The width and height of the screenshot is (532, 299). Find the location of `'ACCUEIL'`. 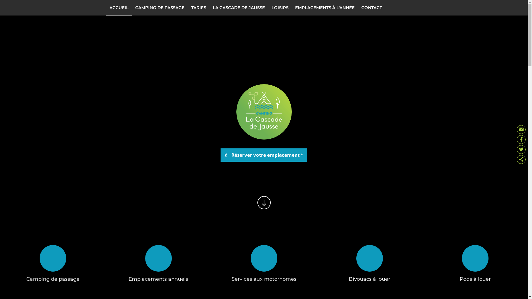

'ACCUEIL' is located at coordinates (118, 7).